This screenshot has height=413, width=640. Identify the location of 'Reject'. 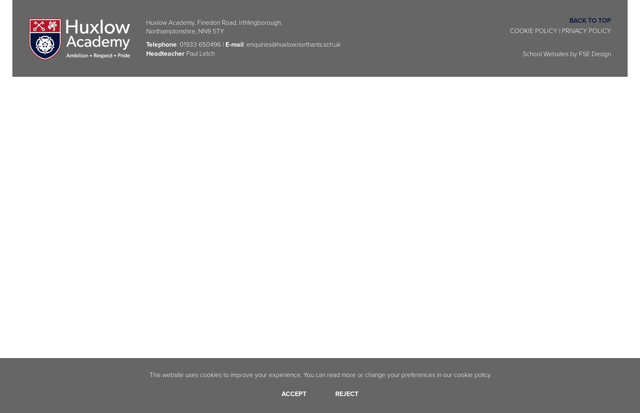
(346, 393).